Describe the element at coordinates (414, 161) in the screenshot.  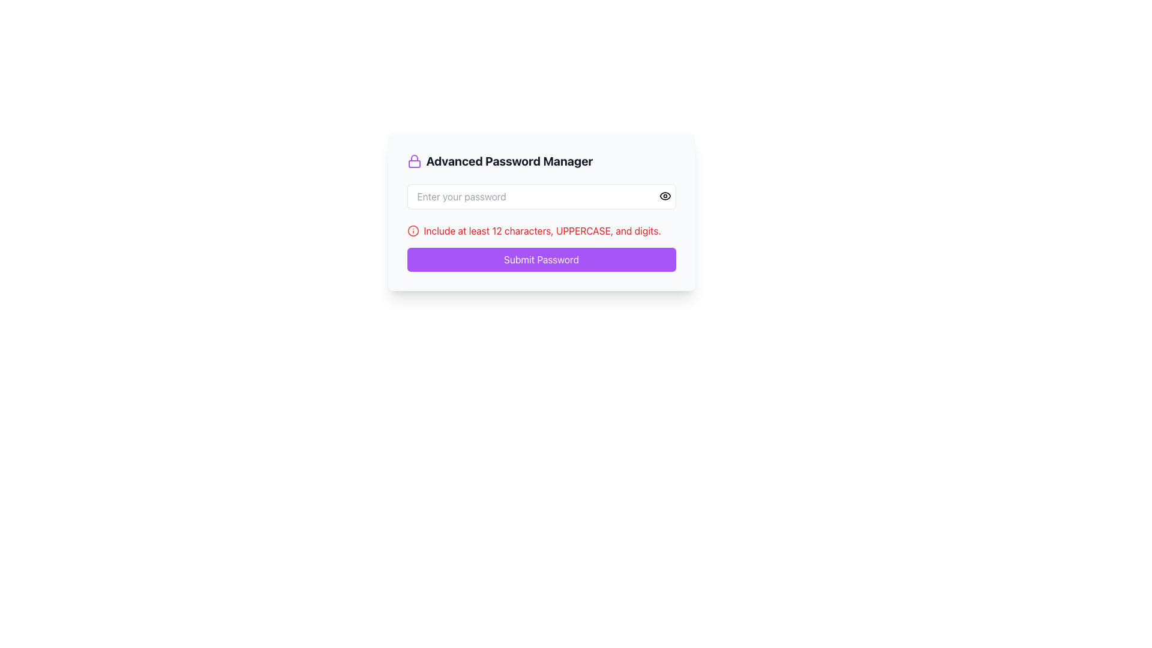
I see `the purple lock icon that symbolizes security, located to the left of the 'Advanced Password Manager' text in the title section` at that location.